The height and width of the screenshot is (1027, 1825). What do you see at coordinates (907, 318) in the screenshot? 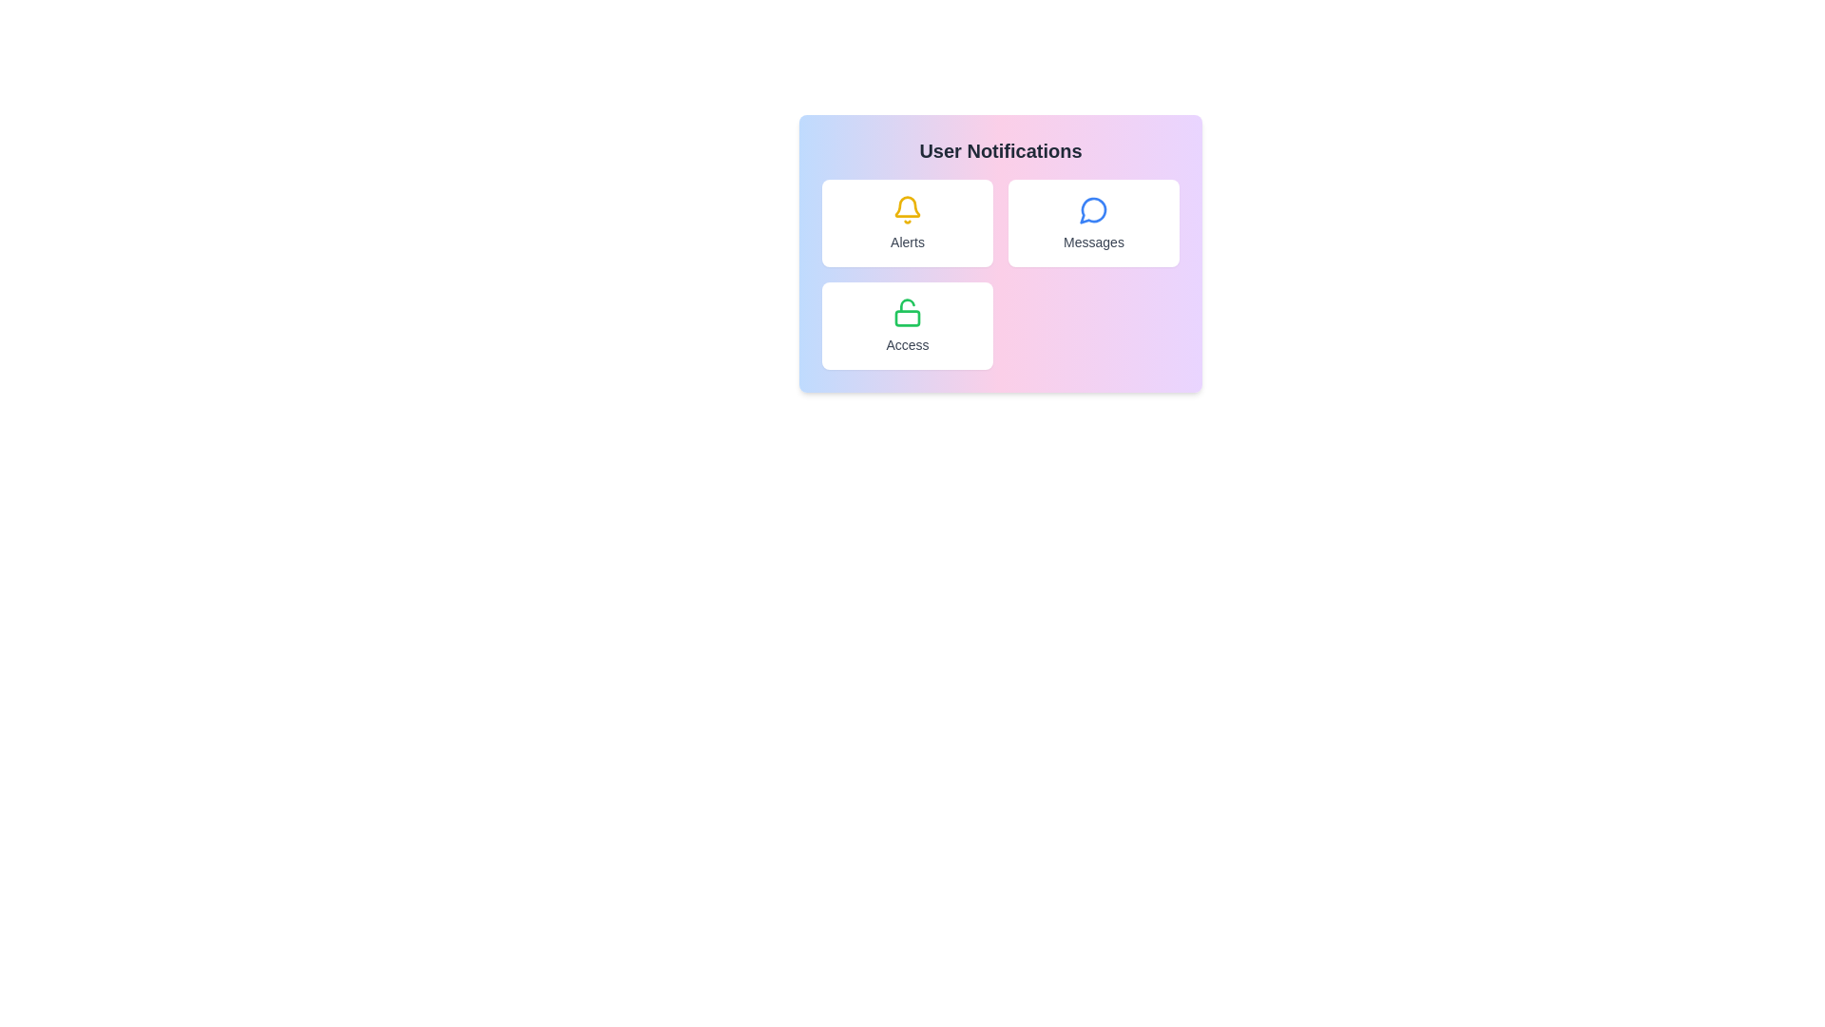
I see `the decorative Icon element located at the bottom-left 'Access' card of the grid representing the lock's body graphic` at bounding box center [907, 318].